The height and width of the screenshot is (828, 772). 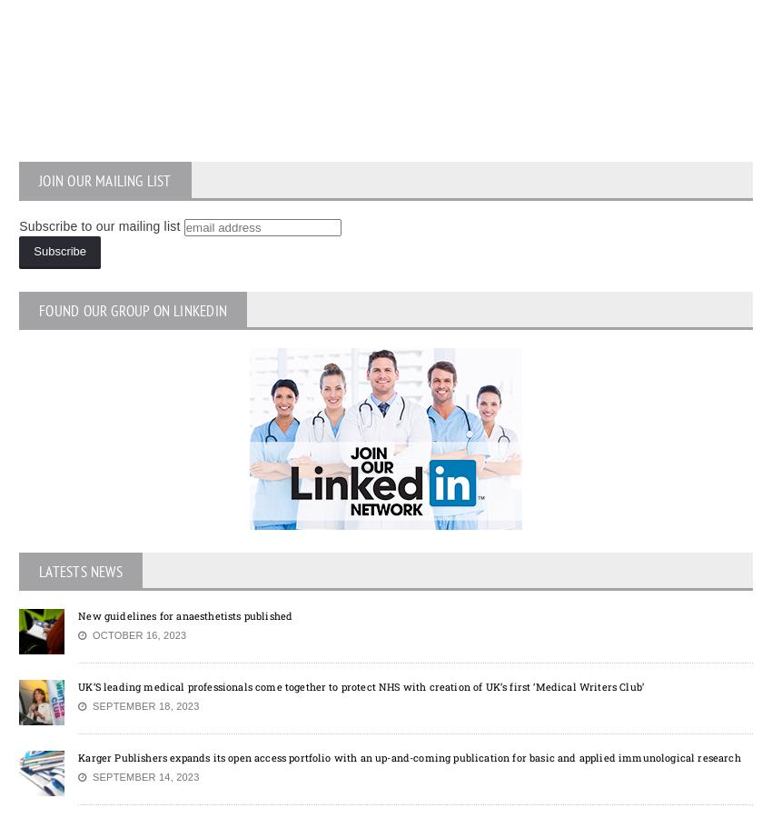 What do you see at coordinates (98, 224) in the screenshot?
I see `'Subscribe to our mailing list'` at bounding box center [98, 224].